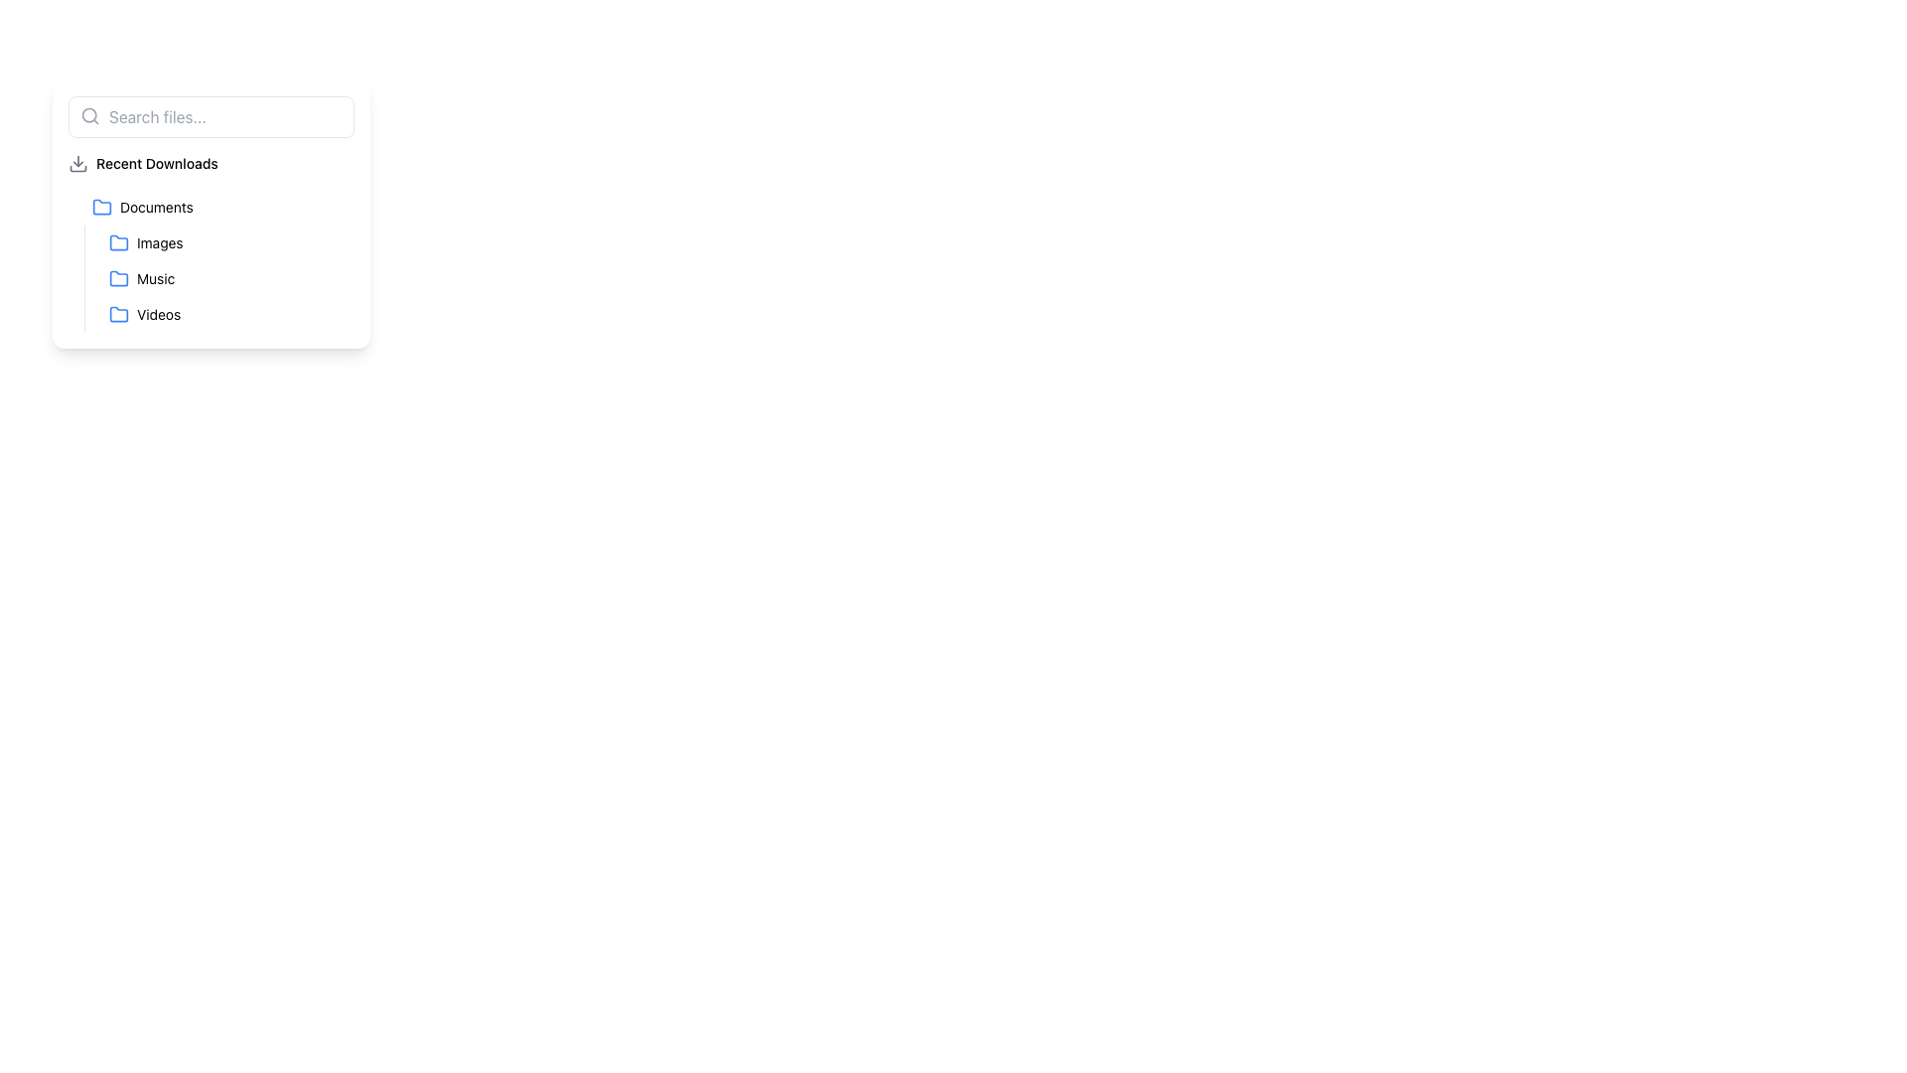  Describe the element at coordinates (118, 279) in the screenshot. I see `the blue folder icon located in the 'Music' menu item of the 'Recent Downloads' section` at that location.